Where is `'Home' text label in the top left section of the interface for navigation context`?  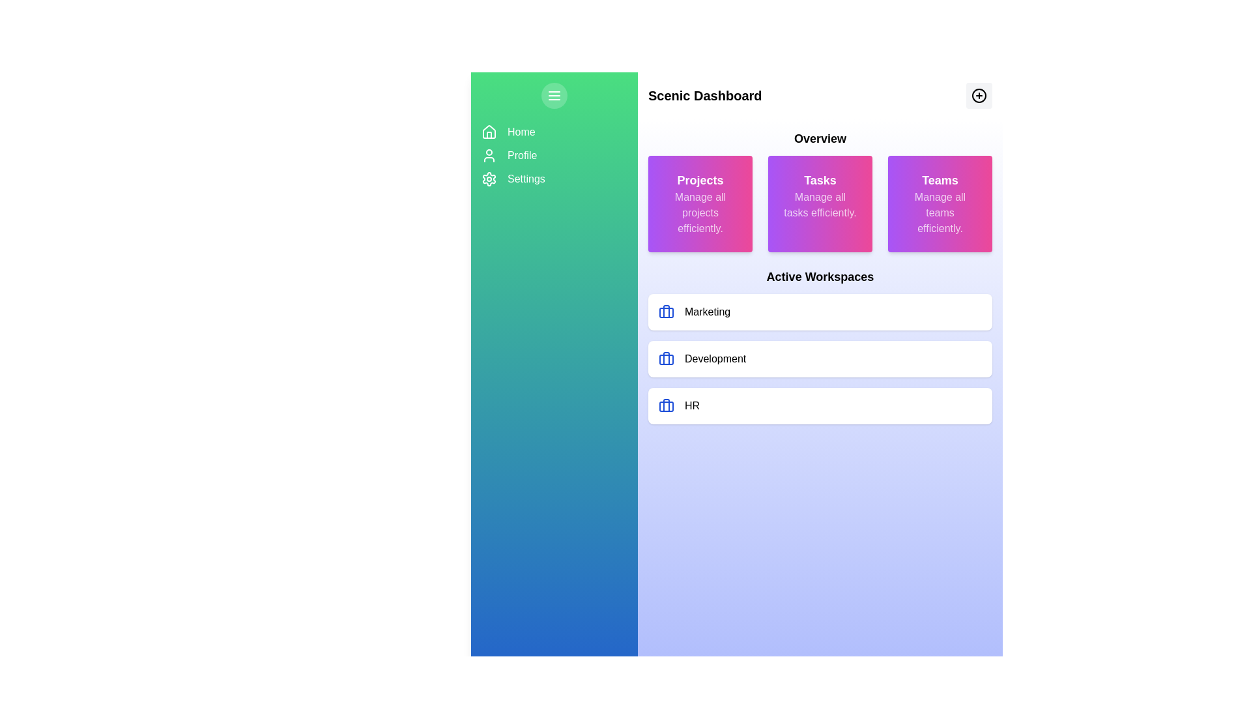 'Home' text label in the top left section of the interface for navigation context is located at coordinates (521, 132).